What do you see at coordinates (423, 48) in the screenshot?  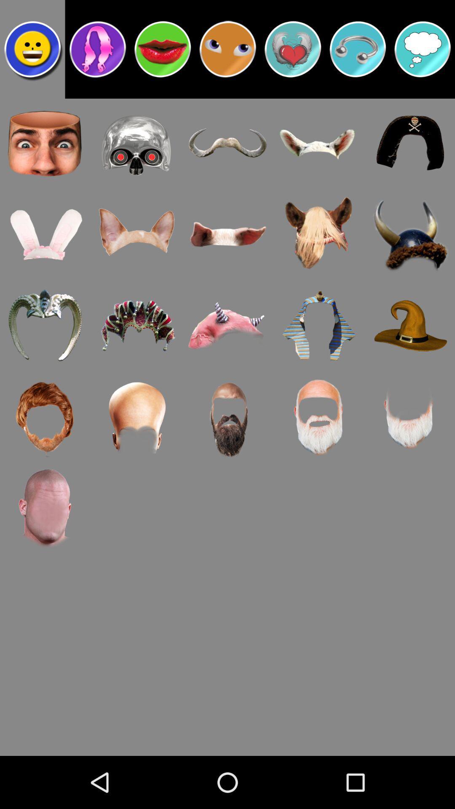 I see `category of sticker` at bounding box center [423, 48].